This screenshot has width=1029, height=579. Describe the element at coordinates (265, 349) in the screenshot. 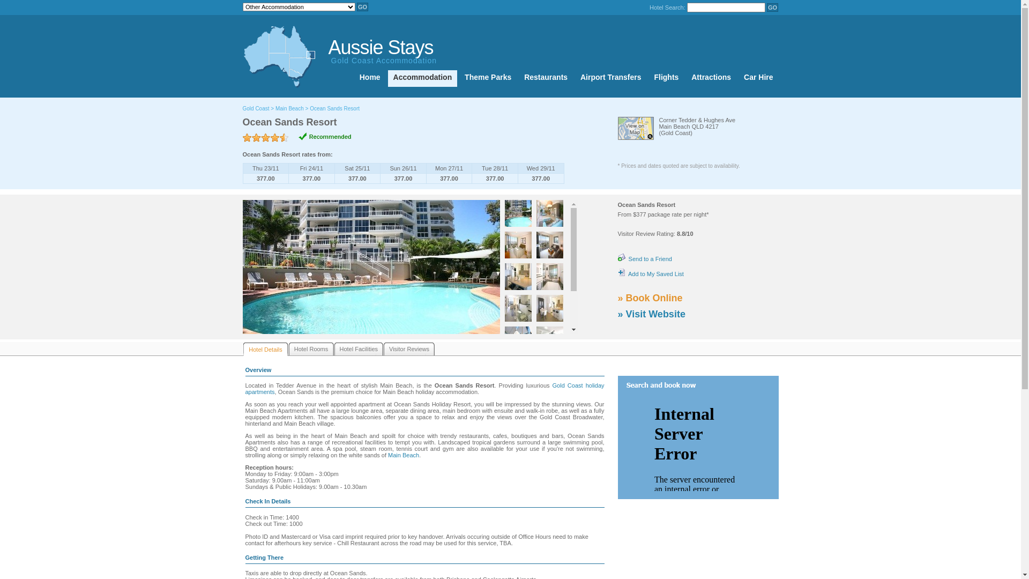

I see `'Hotel Details'` at that location.